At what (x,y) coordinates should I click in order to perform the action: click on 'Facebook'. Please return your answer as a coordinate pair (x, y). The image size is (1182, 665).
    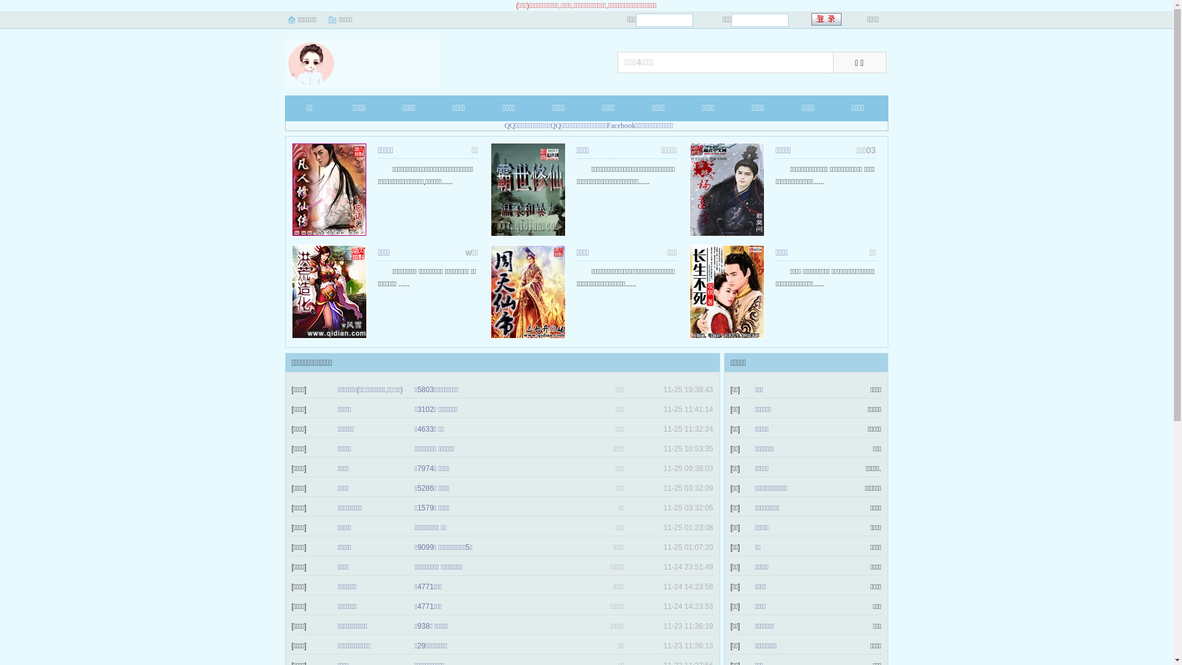
    Looking at the image, I should click on (606, 126).